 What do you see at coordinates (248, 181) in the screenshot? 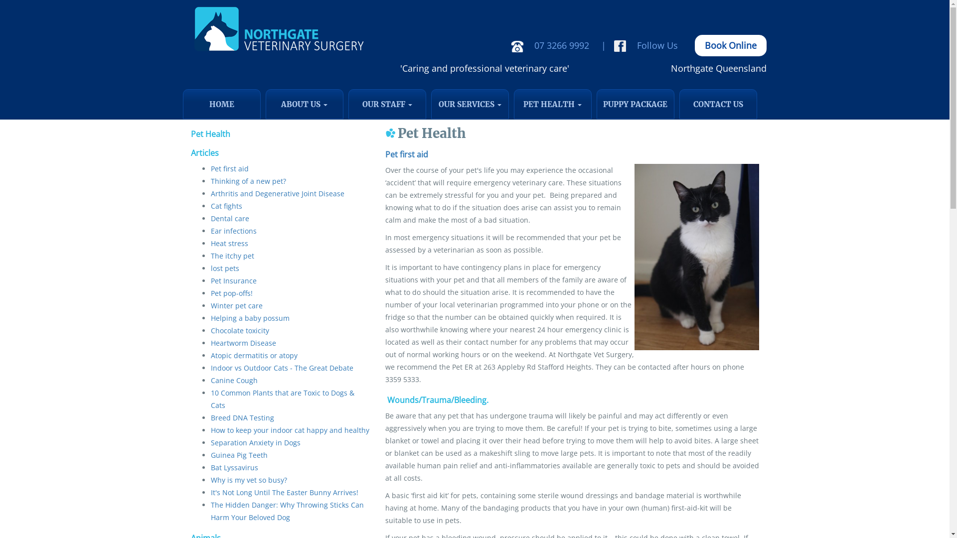
I see `'Thinking of a new pet?'` at bounding box center [248, 181].